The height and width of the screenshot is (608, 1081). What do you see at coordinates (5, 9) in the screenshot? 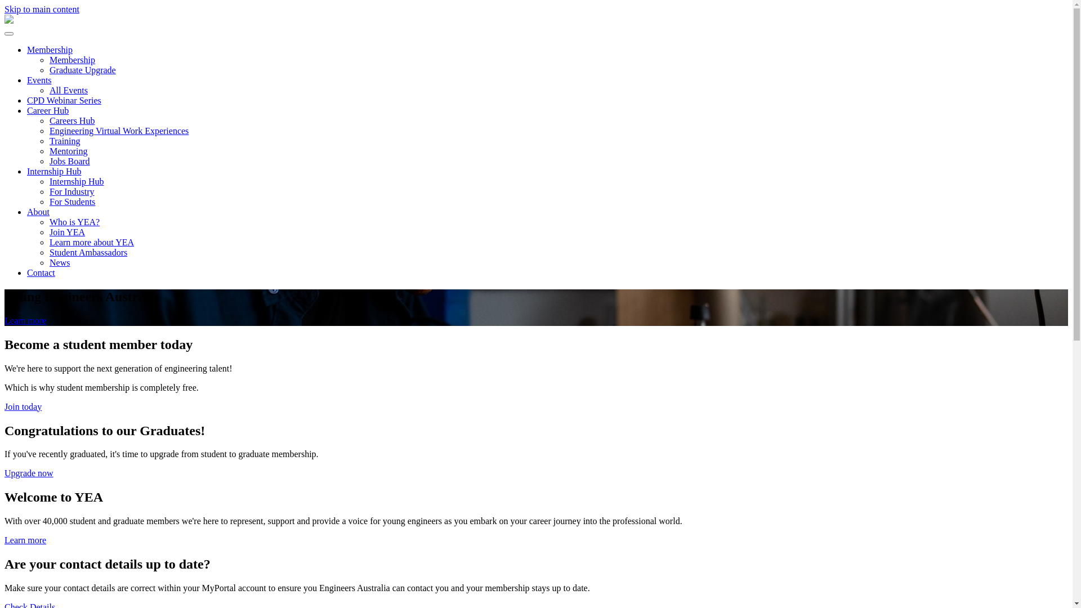
I see `'Skip to main content'` at bounding box center [5, 9].